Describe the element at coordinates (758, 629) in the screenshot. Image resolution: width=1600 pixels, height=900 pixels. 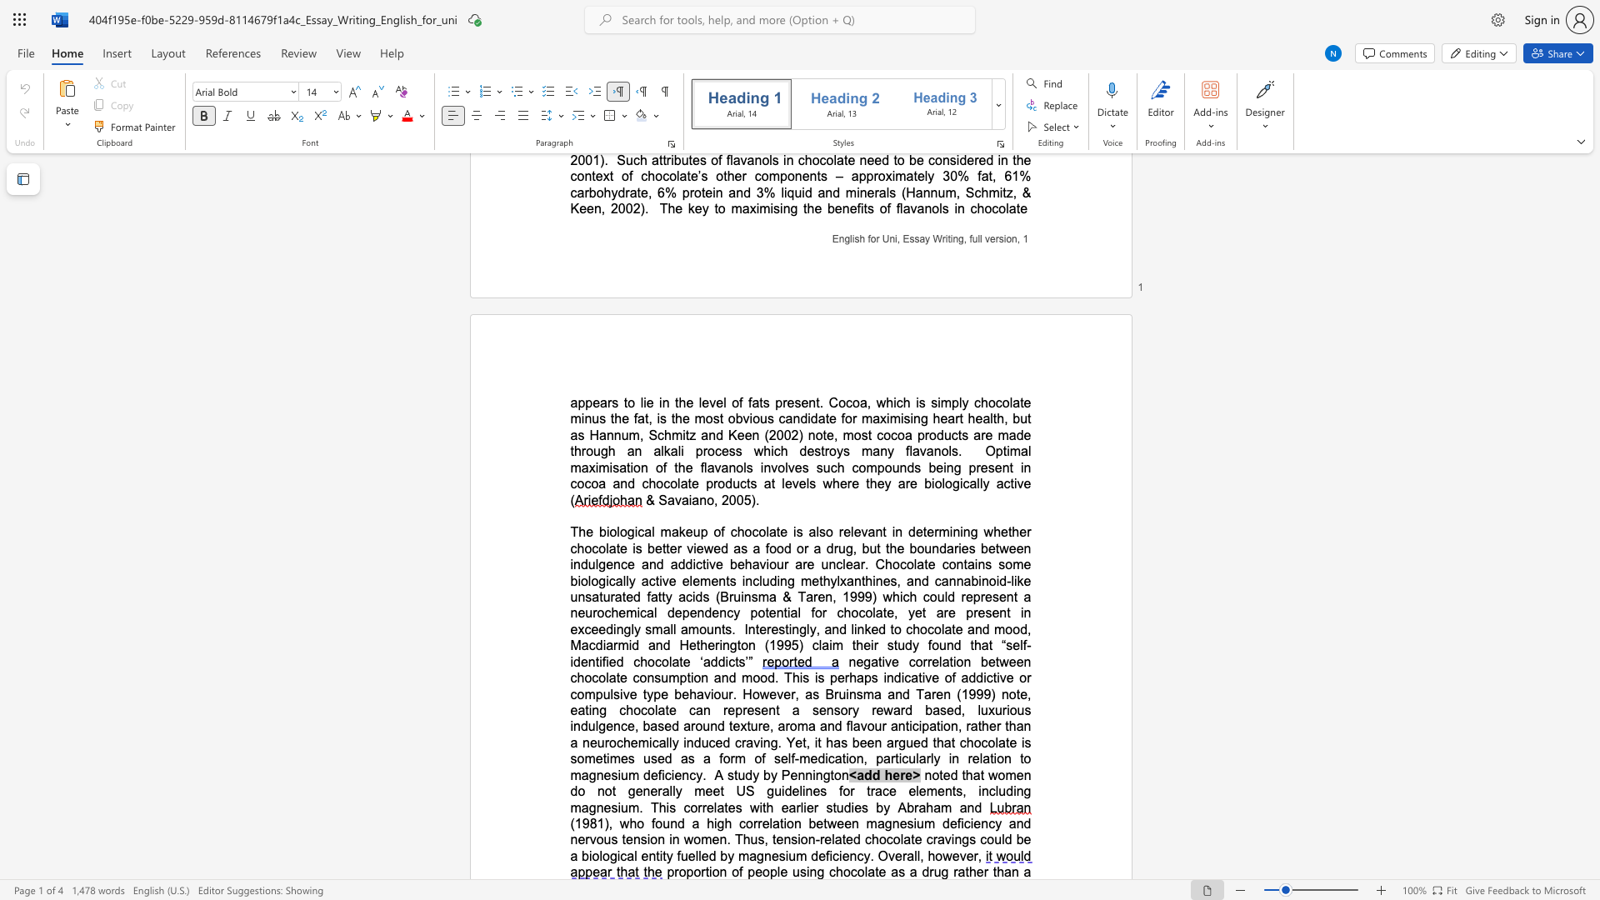
I see `the subset text "erestingly, and lin" within the text "Interestingly, and linked to chocolate and"` at that location.